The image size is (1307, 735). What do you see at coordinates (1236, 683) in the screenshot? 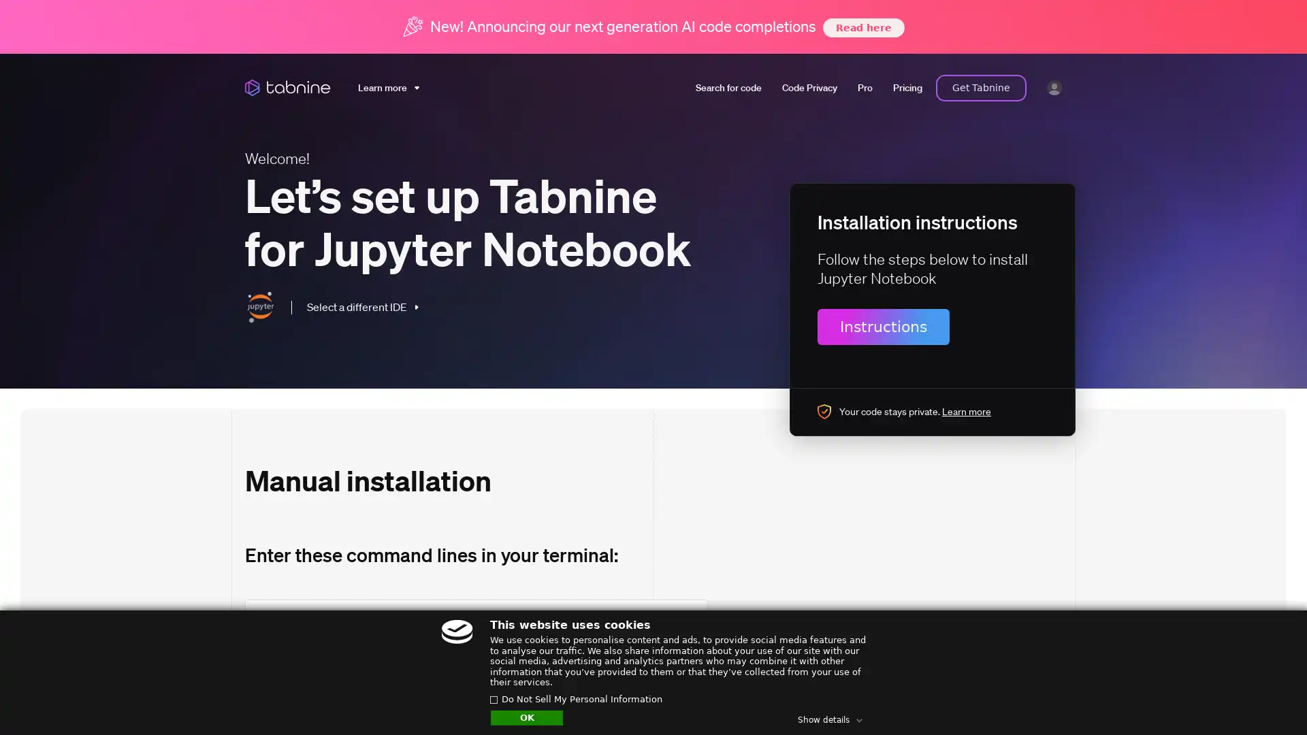
I see `Dismiss Message` at bounding box center [1236, 683].